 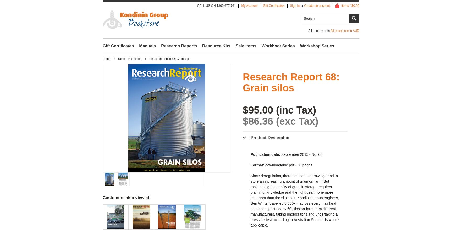 What do you see at coordinates (216, 5) in the screenshot?
I see `'CALL US ON 1800 677 761'` at bounding box center [216, 5].